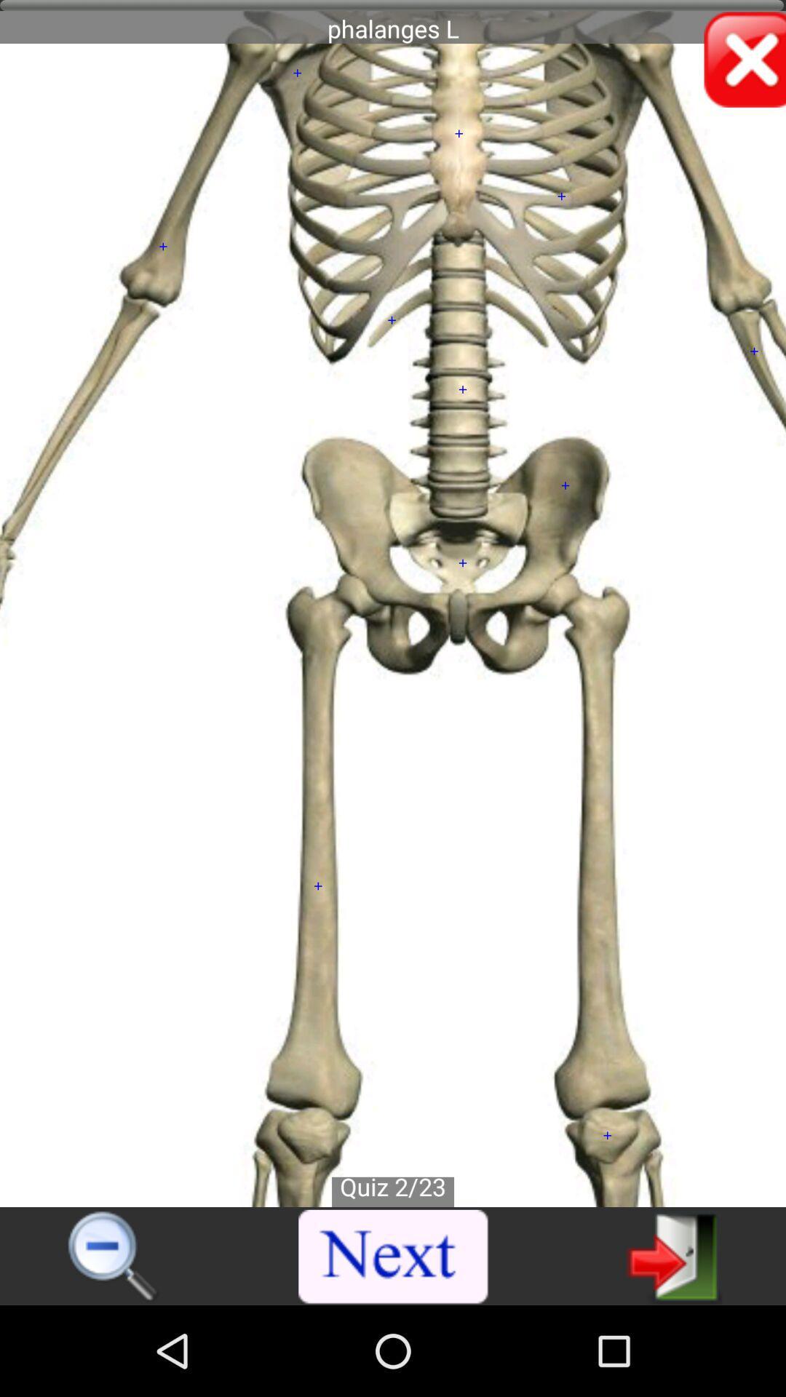 The width and height of the screenshot is (786, 1397). What do you see at coordinates (114, 1257) in the screenshot?
I see `zoom out` at bounding box center [114, 1257].